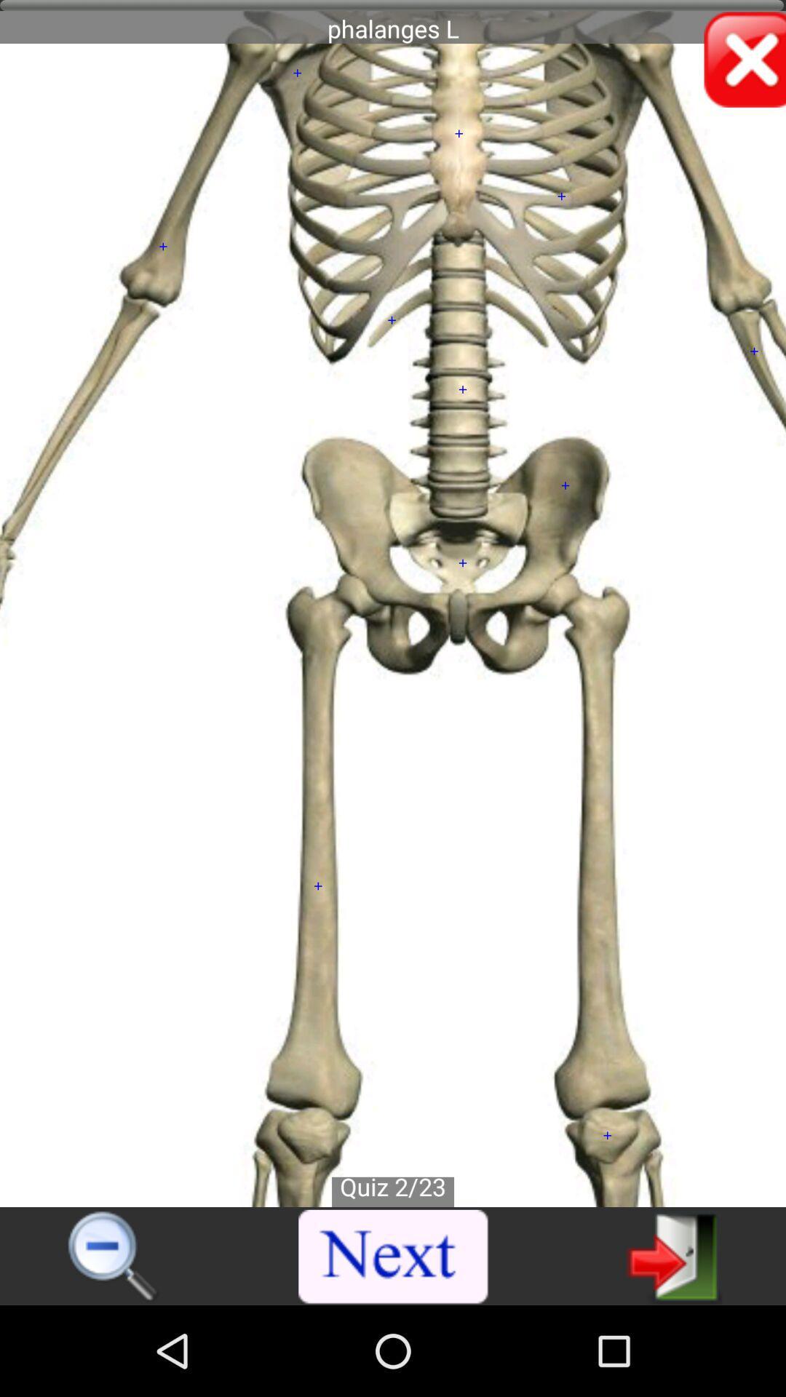 The width and height of the screenshot is (786, 1397). What do you see at coordinates (114, 1257) in the screenshot?
I see `zoom out` at bounding box center [114, 1257].